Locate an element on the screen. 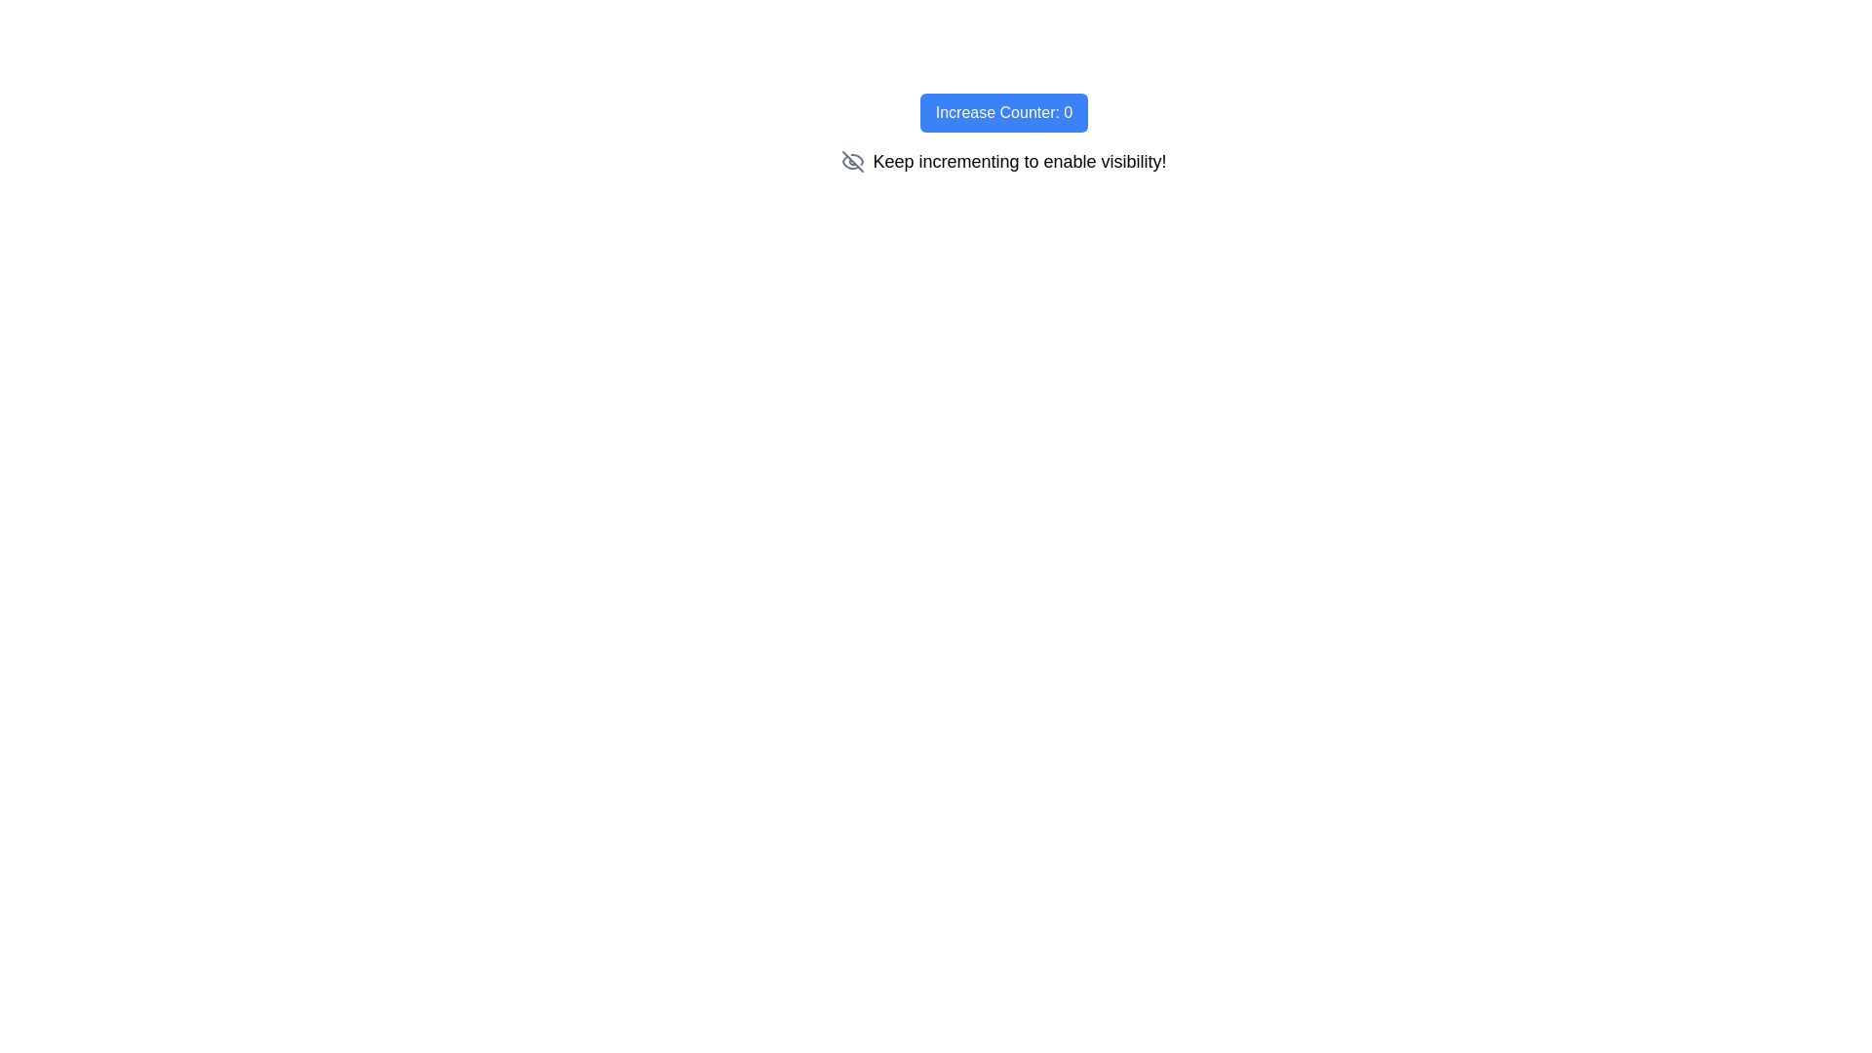  the blue button labeled 'Increase Counter: 0' to observe its hover effects is located at coordinates (1004, 112).